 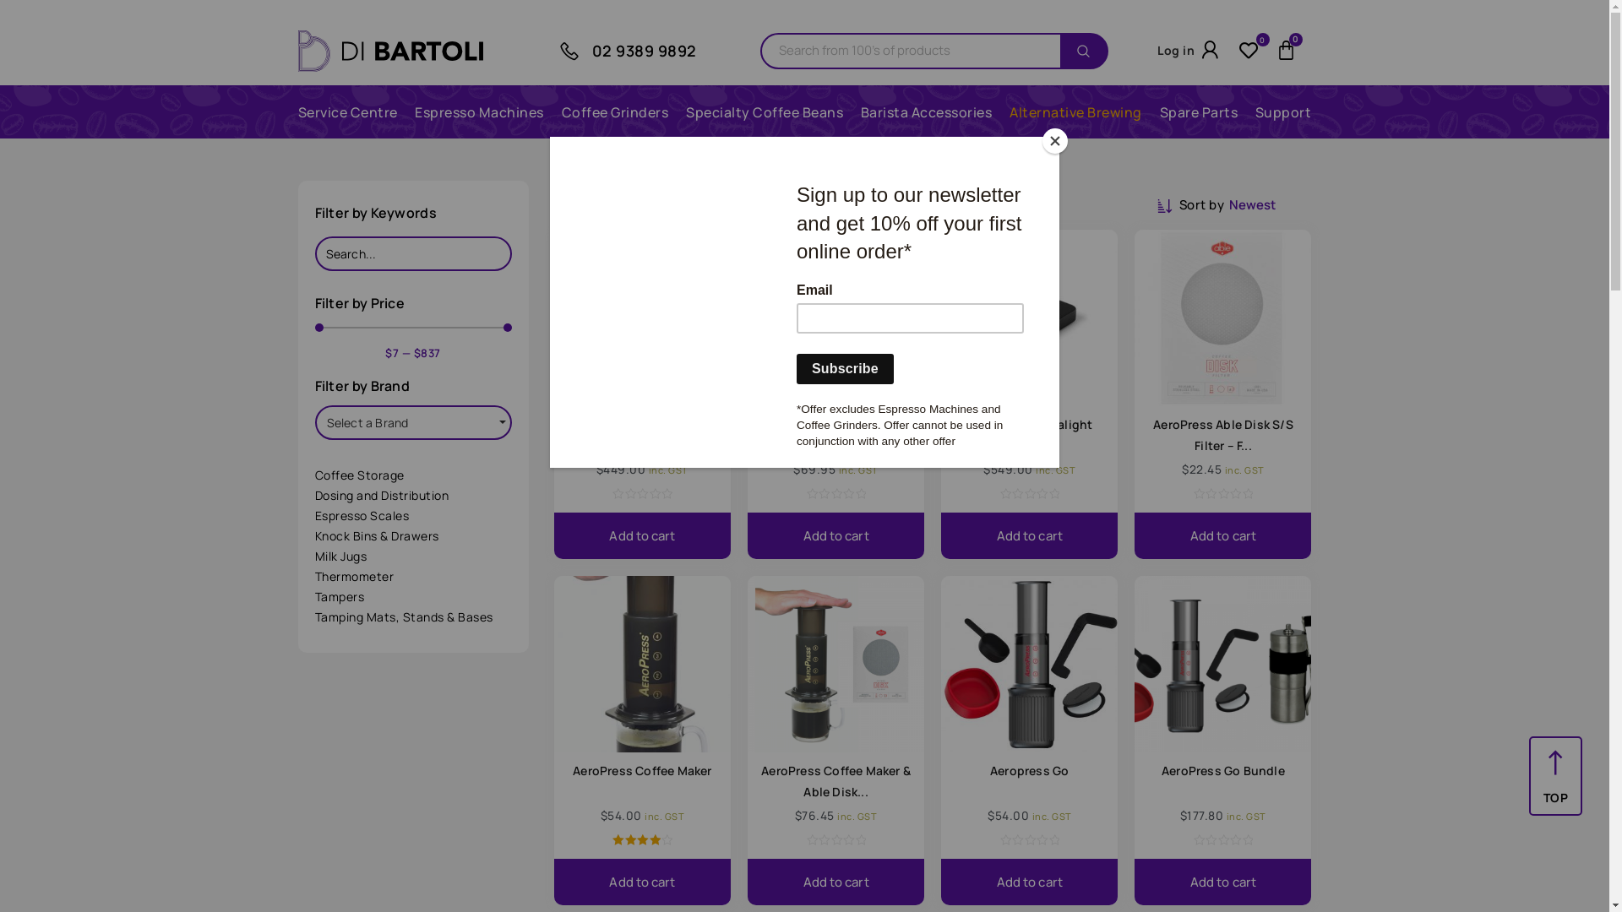 What do you see at coordinates (764, 111) in the screenshot?
I see `'Specialty Coffee Beans'` at bounding box center [764, 111].